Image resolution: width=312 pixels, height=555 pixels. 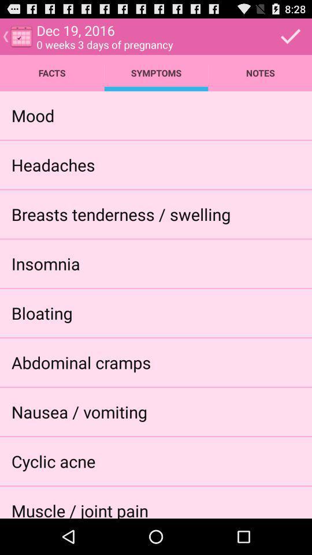 I want to click on save, so click(x=290, y=36).